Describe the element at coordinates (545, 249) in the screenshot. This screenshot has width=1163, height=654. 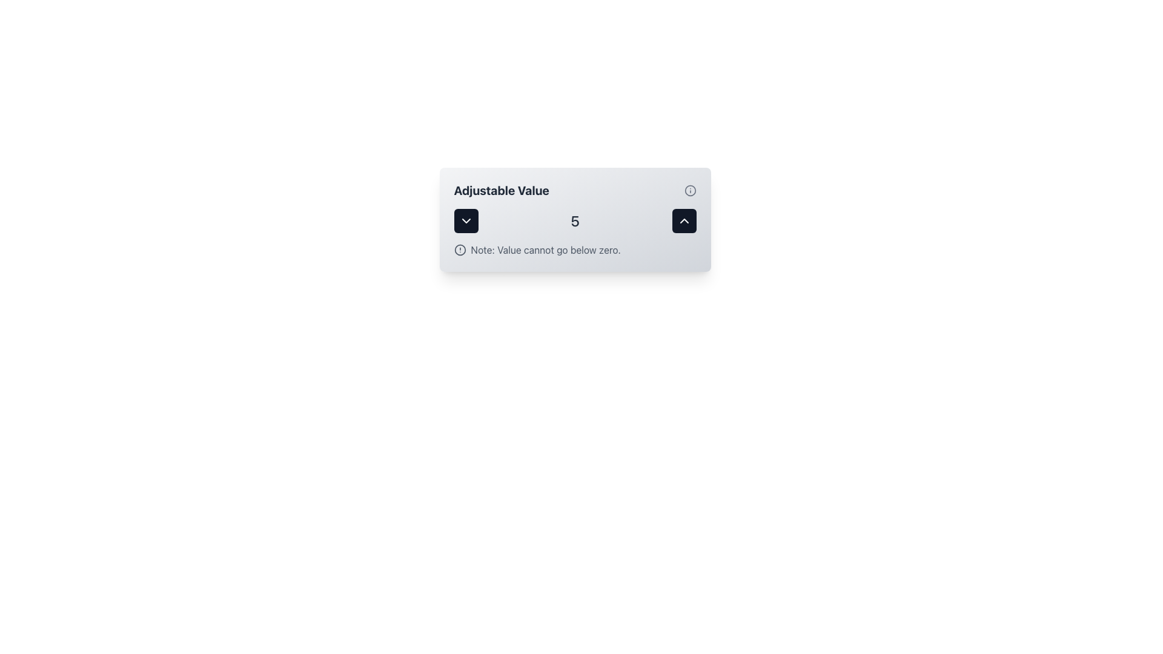
I see `information displayed in the Text Label that says 'Note: Value cannot go below zero.'` at that location.